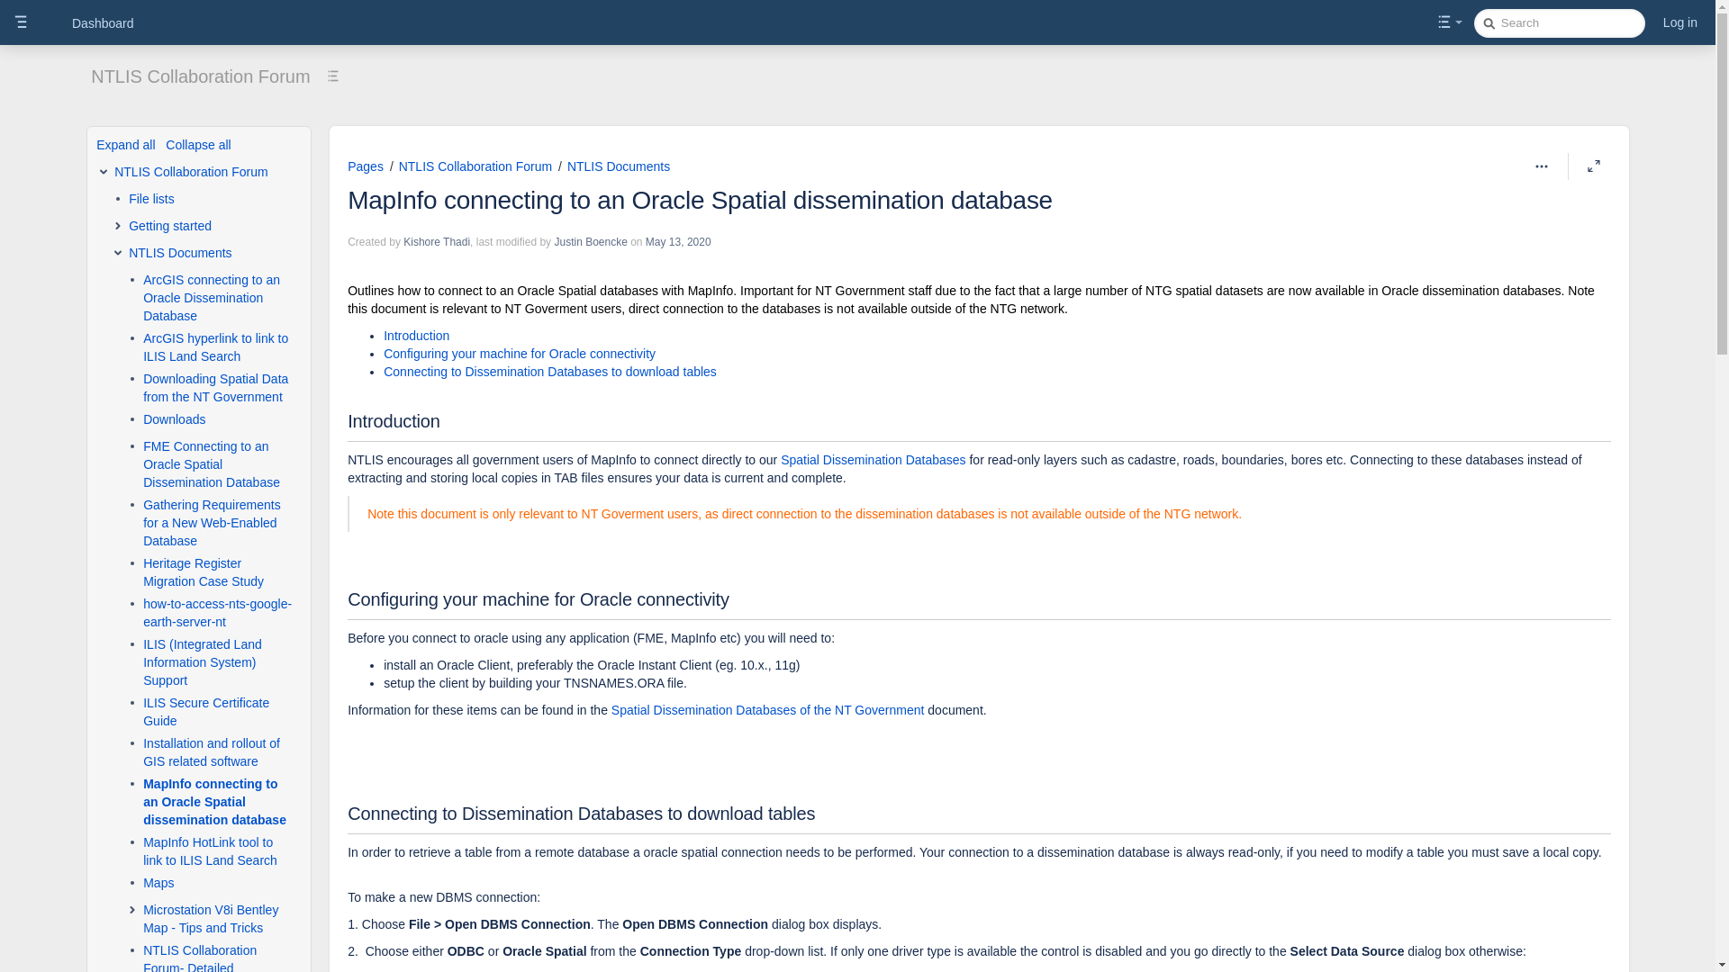 This screenshot has width=1729, height=972. Describe the element at coordinates (198, 144) in the screenshot. I see `'Collapse all'` at that location.